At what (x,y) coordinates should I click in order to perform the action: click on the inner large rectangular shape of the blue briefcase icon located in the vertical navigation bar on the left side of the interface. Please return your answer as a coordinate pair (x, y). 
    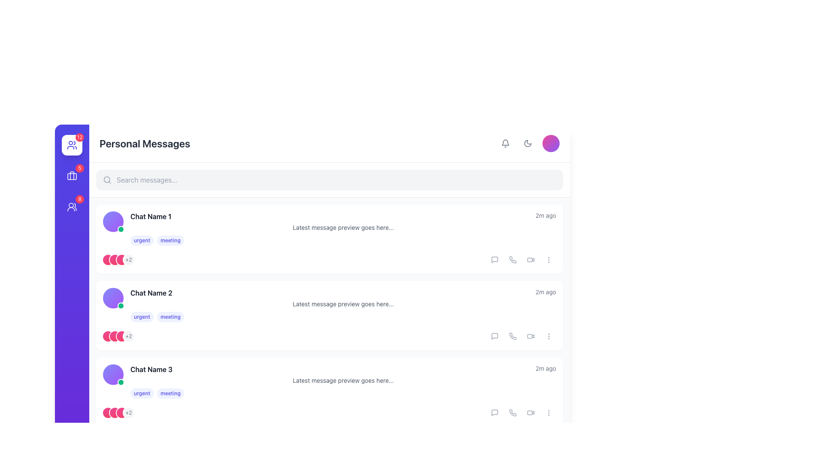
    Looking at the image, I should click on (72, 176).